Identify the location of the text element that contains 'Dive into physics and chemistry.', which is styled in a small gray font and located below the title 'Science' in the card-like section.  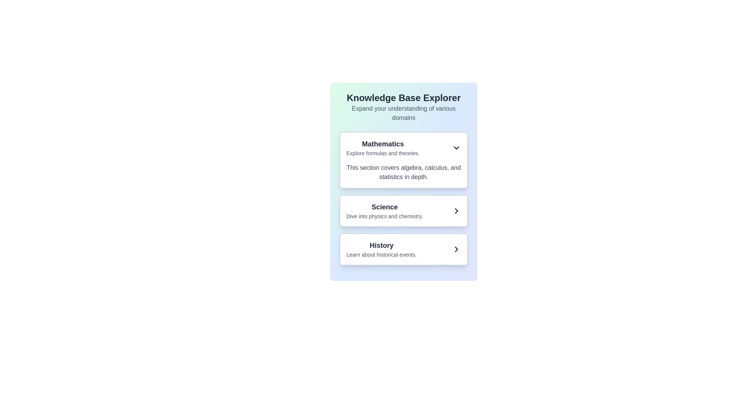
(385, 216).